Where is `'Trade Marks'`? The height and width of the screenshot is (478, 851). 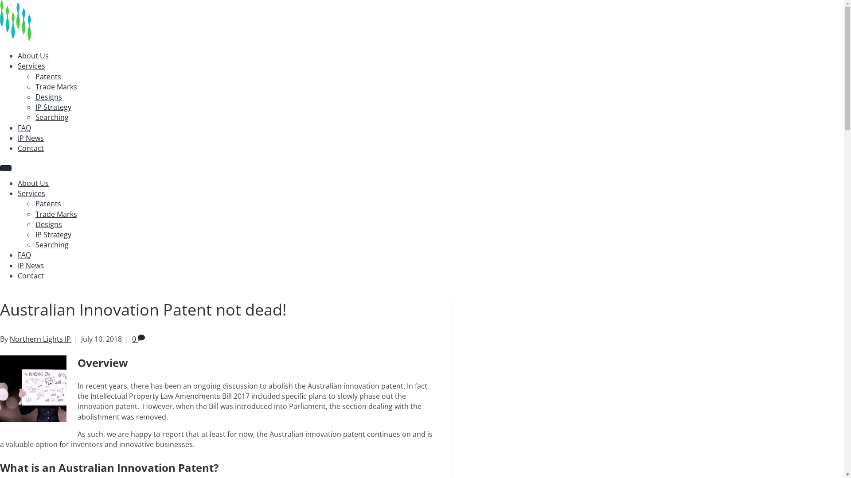 'Trade Marks' is located at coordinates (55, 214).